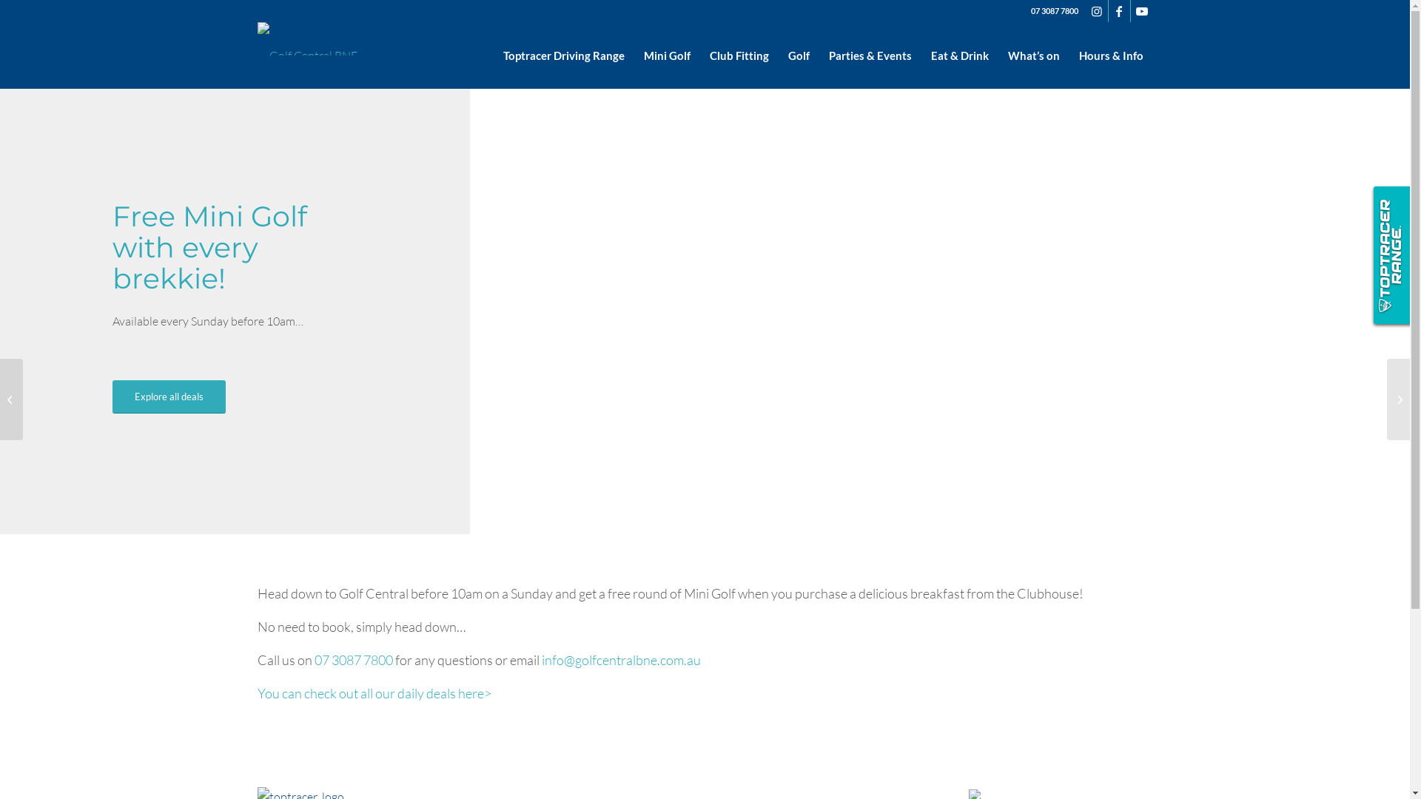  Describe the element at coordinates (312, 658) in the screenshot. I see `'07 3087 7800'` at that location.